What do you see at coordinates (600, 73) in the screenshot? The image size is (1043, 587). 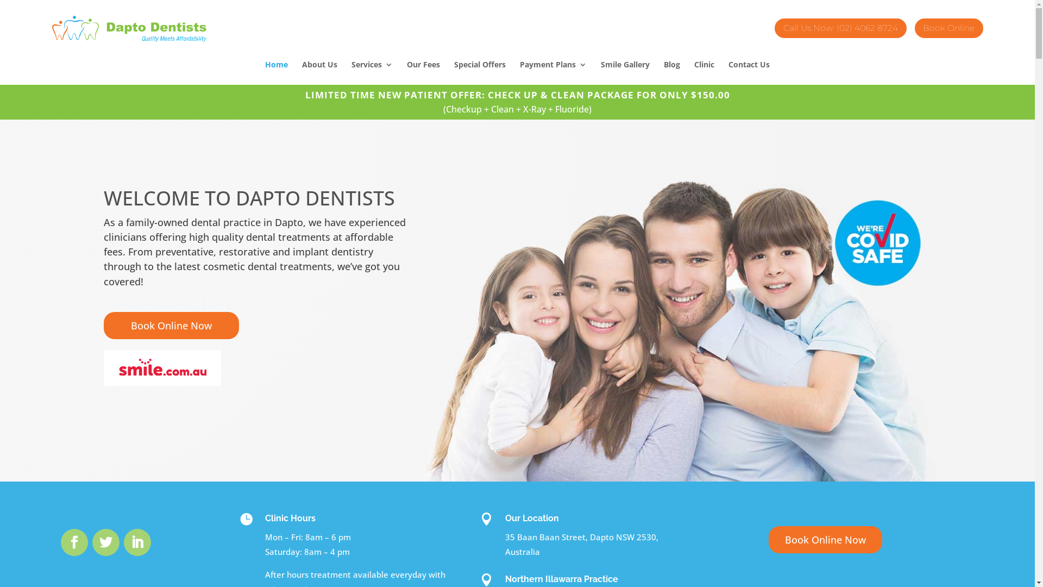 I see `'Smile Gallery'` at bounding box center [600, 73].